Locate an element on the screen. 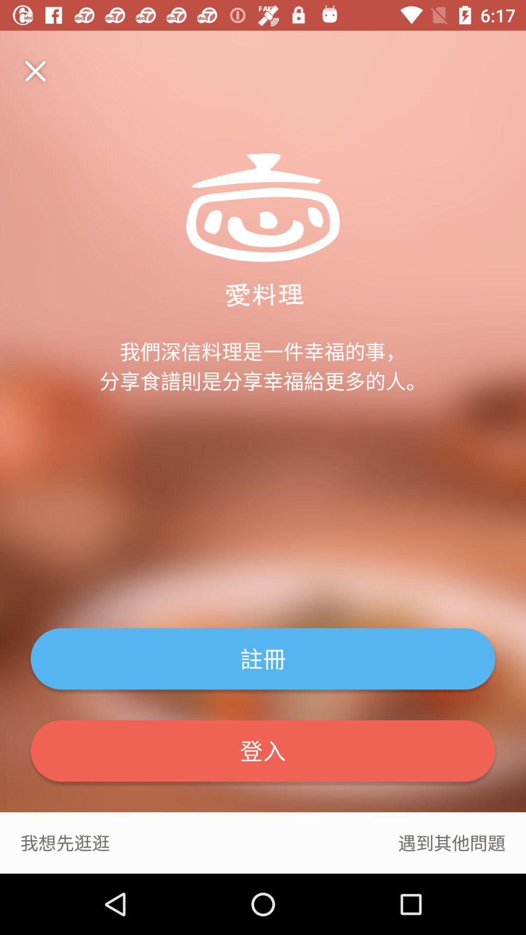 This screenshot has height=935, width=526. item at the top left corner is located at coordinates (40, 71).